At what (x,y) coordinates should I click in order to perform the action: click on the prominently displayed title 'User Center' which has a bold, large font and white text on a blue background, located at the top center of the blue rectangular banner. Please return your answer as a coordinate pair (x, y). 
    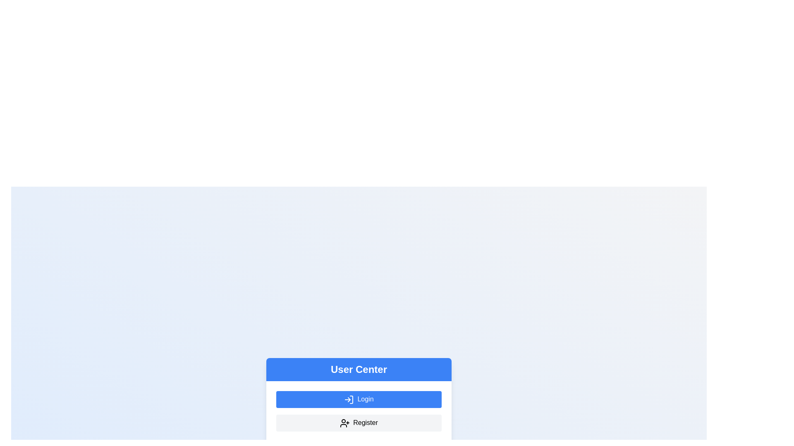
    Looking at the image, I should click on (359, 369).